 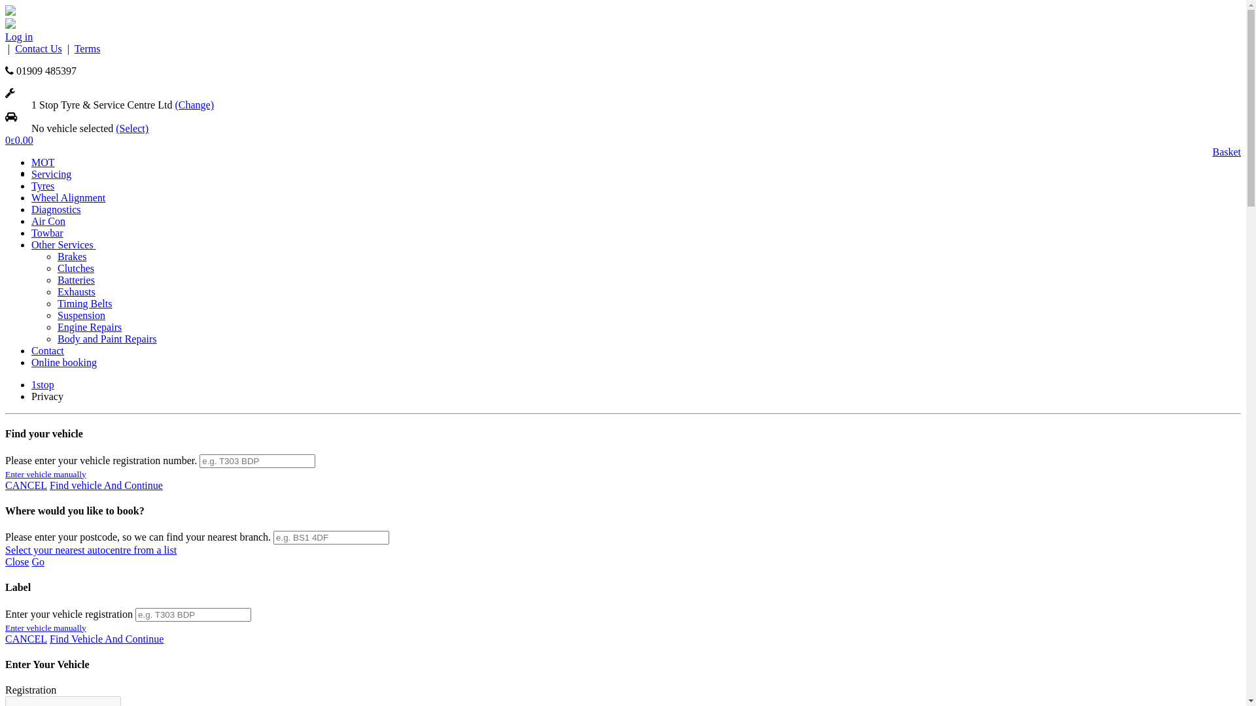 I want to click on 'Contact', so click(x=47, y=350).